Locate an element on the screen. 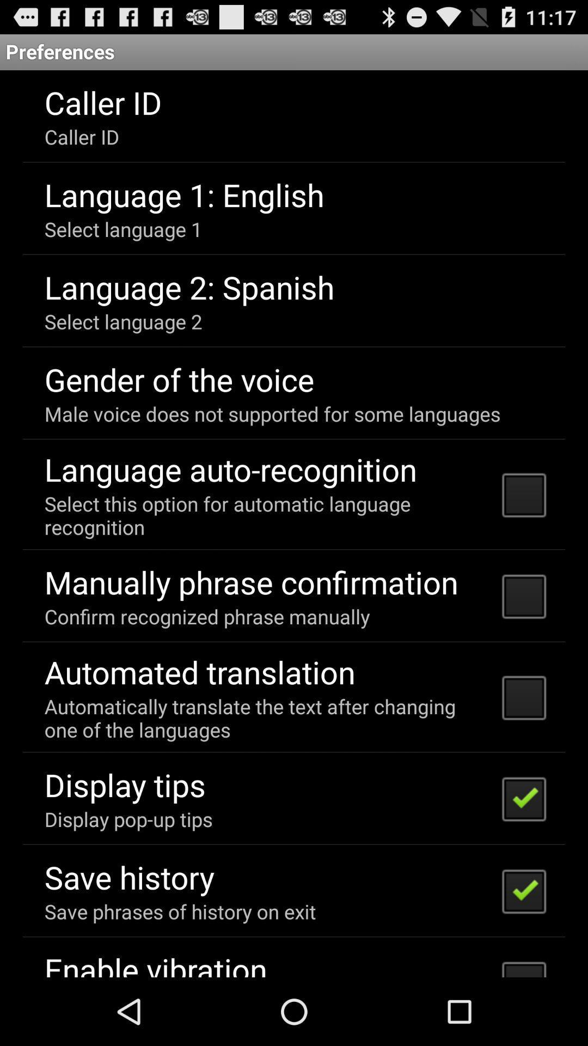  the automated translation app is located at coordinates (200, 671).